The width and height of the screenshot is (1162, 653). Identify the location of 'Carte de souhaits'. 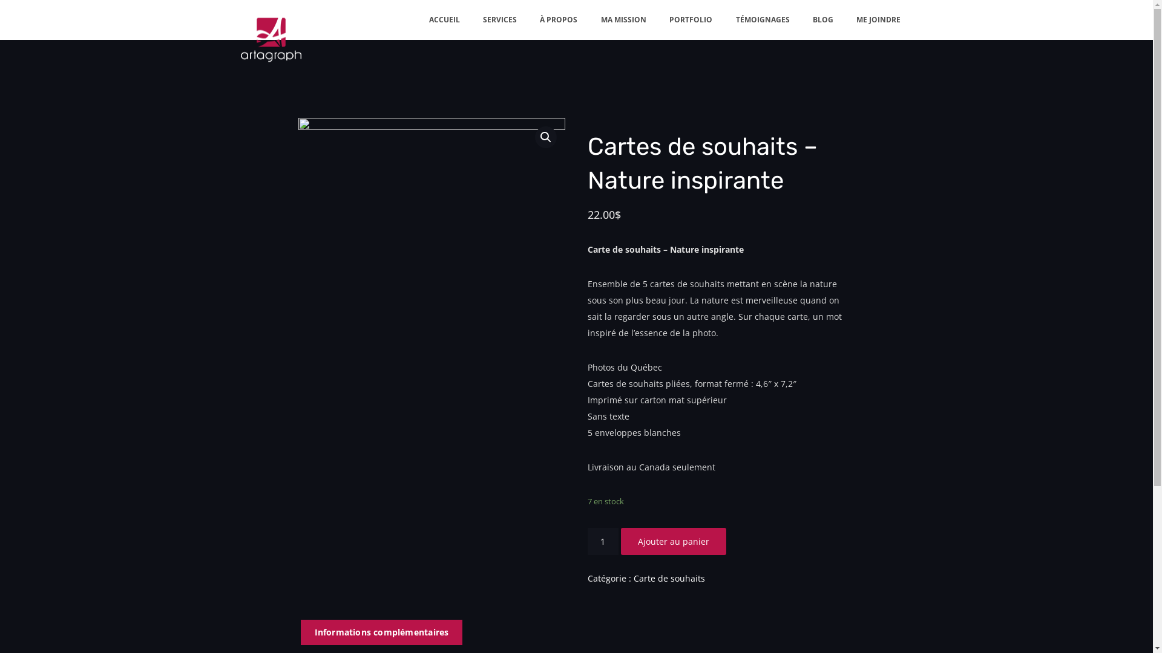
(668, 577).